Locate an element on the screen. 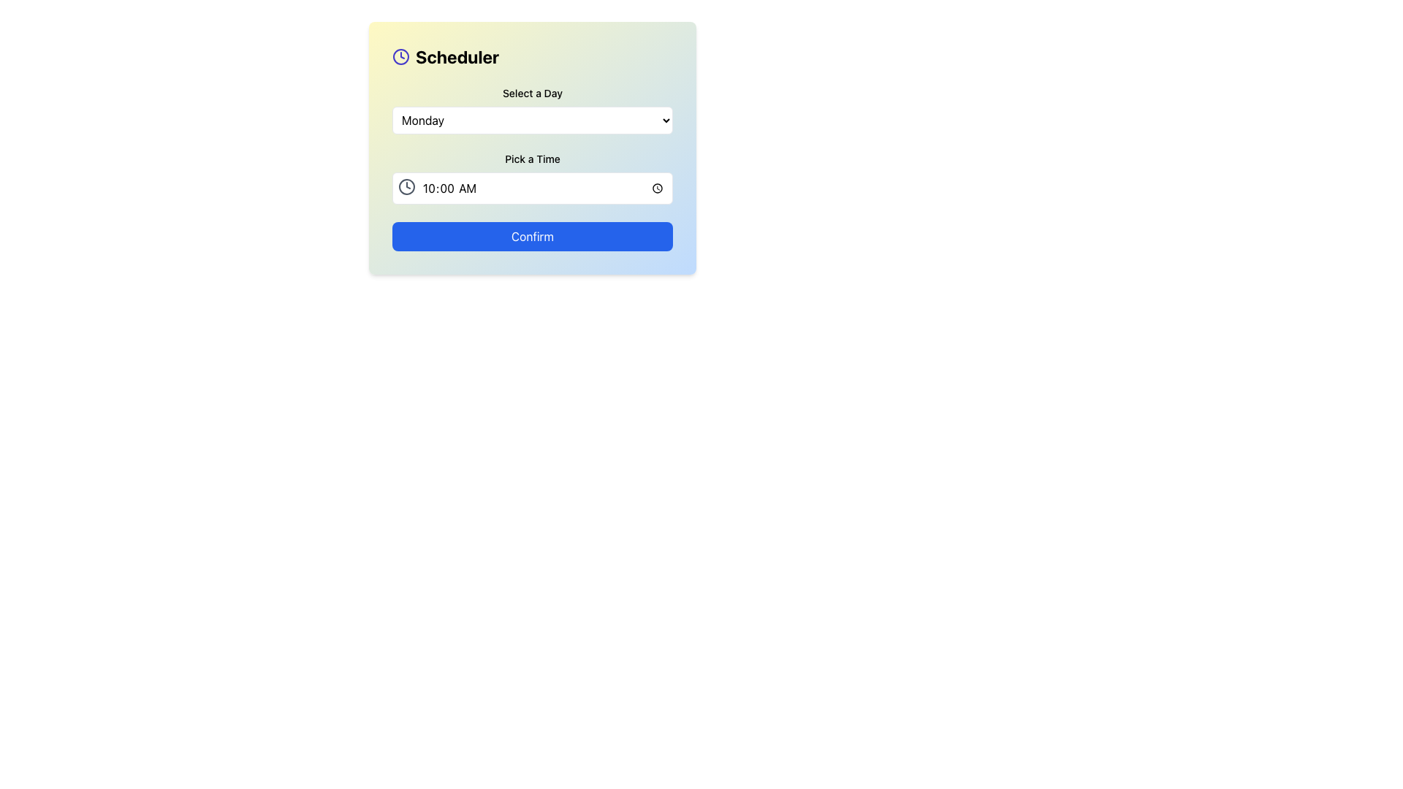  the clock icon located at the leftmost side of the header, next to the 'Scheduler' text is located at coordinates (400, 56).